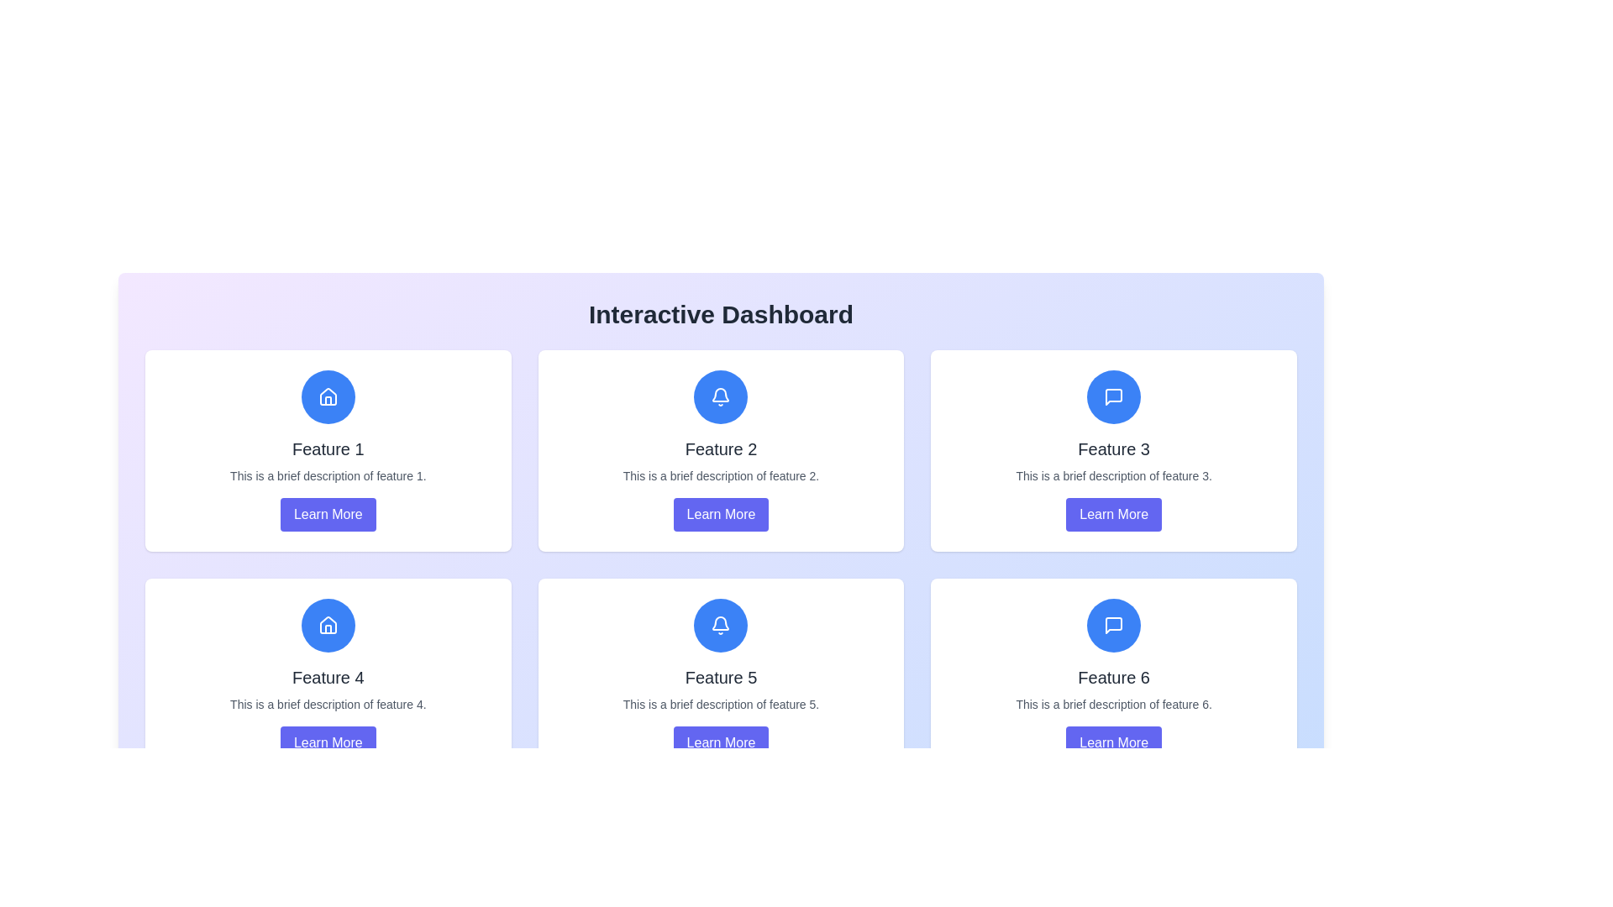 Image resolution: width=1613 pixels, height=907 pixels. Describe the element at coordinates (328, 625) in the screenshot. I see `the house icon with a blue circular background located in the first card of the 'Feature' grid` at that location.